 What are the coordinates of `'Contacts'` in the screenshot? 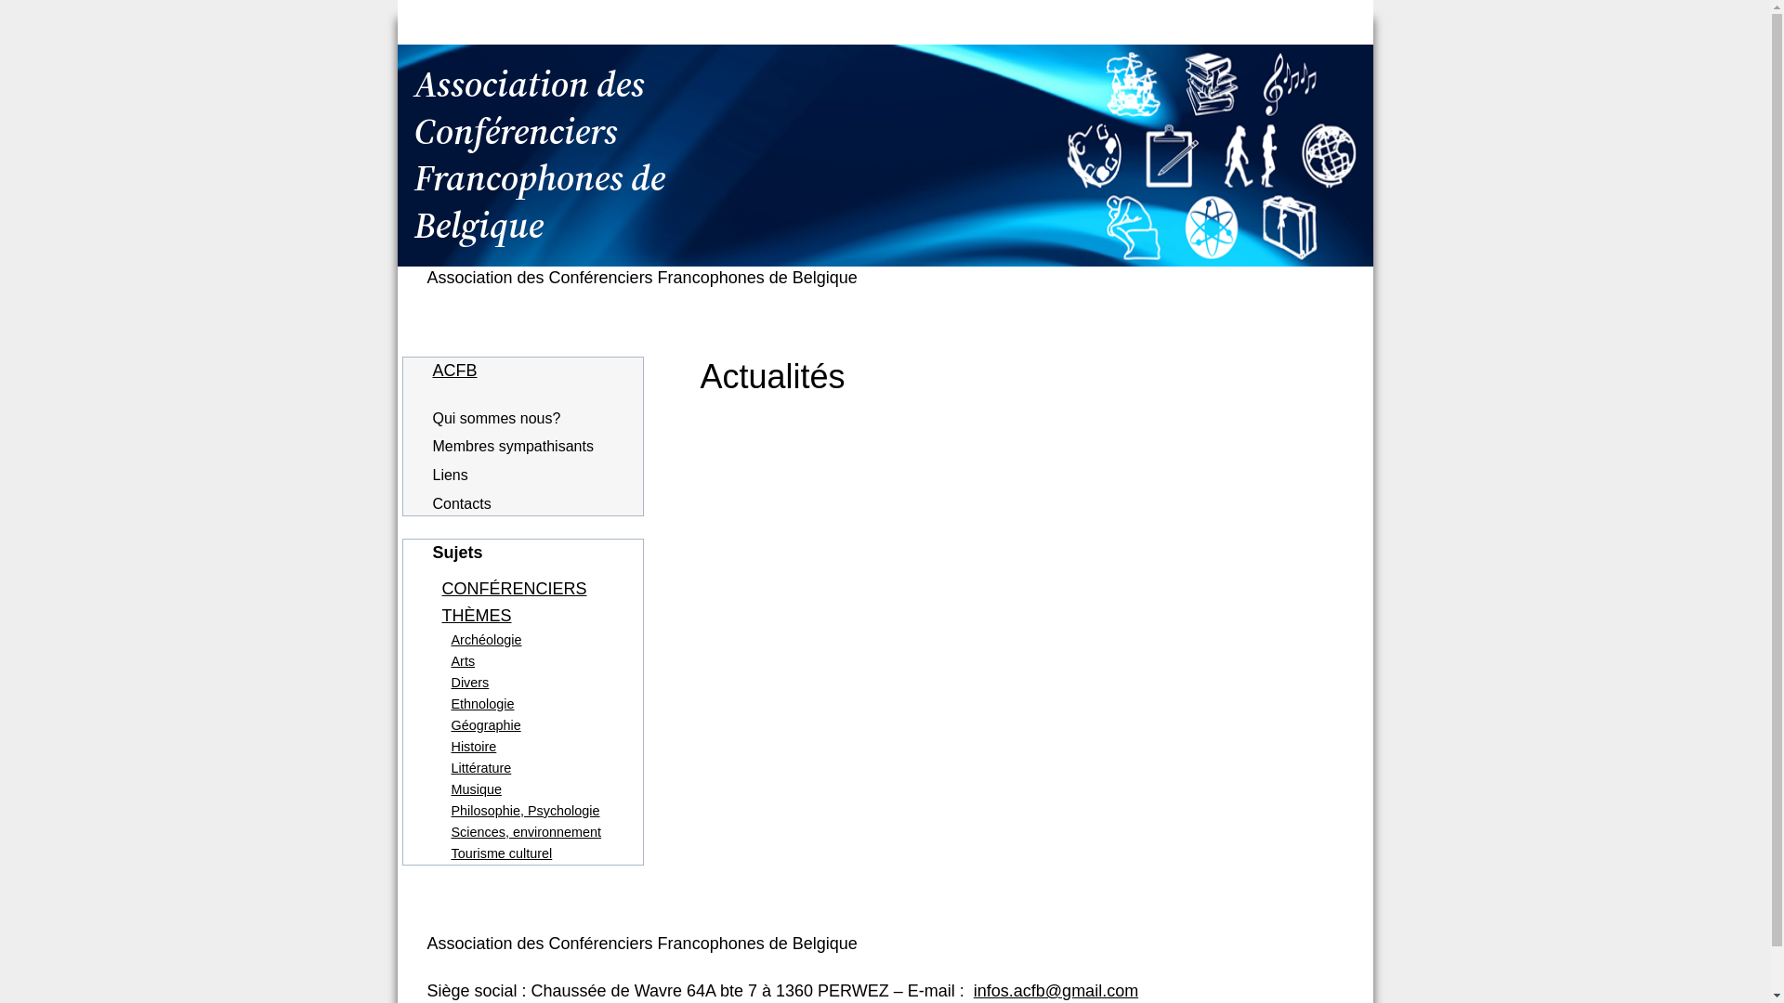 It's located at (462, 504).